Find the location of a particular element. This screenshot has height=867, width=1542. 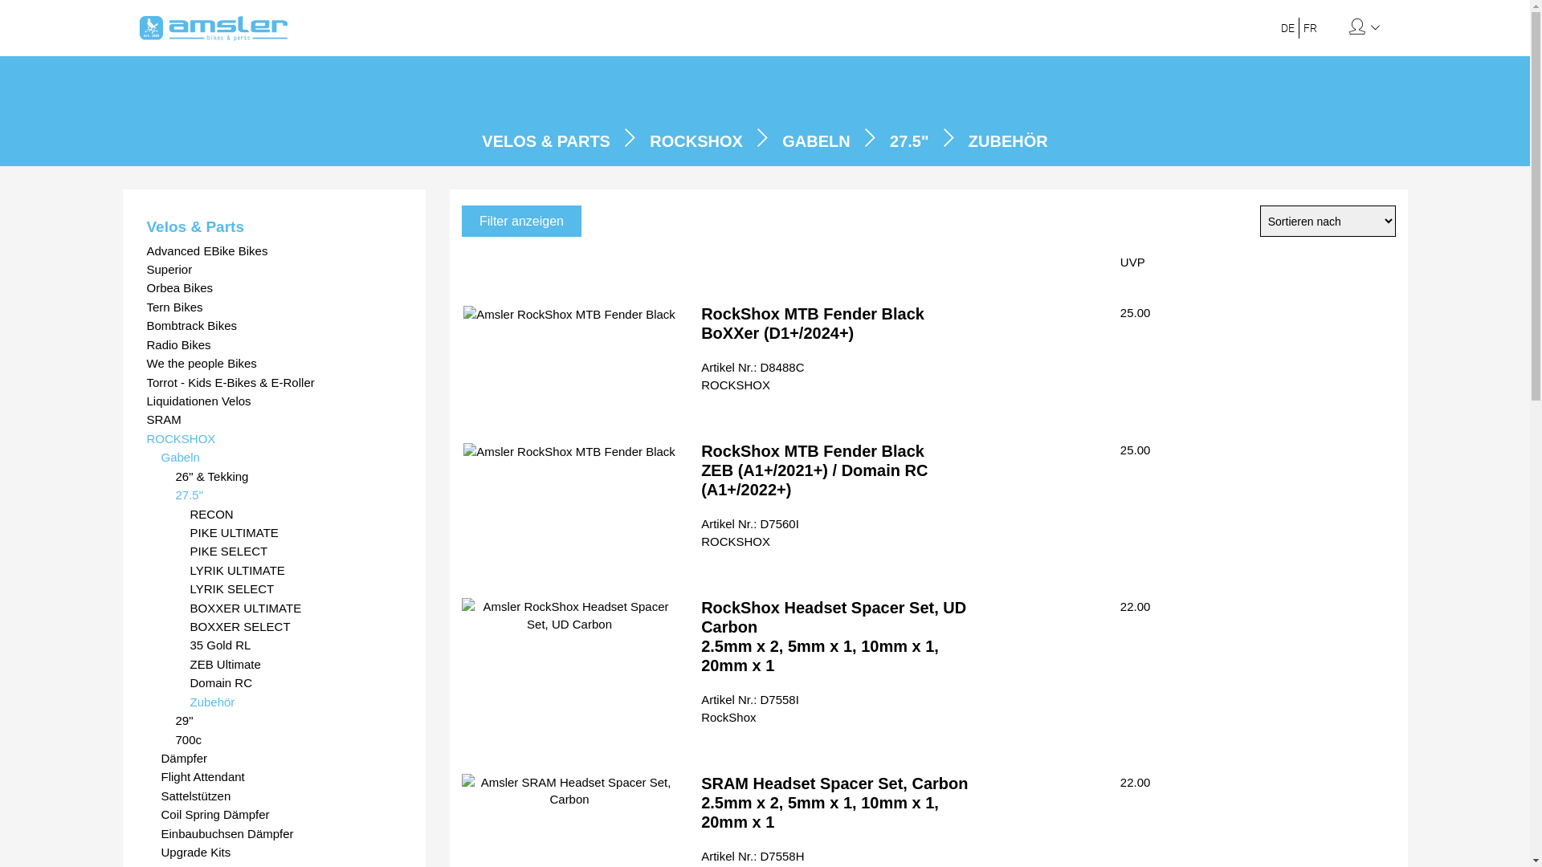

'GABELN' is located at coordinates (816, 140).